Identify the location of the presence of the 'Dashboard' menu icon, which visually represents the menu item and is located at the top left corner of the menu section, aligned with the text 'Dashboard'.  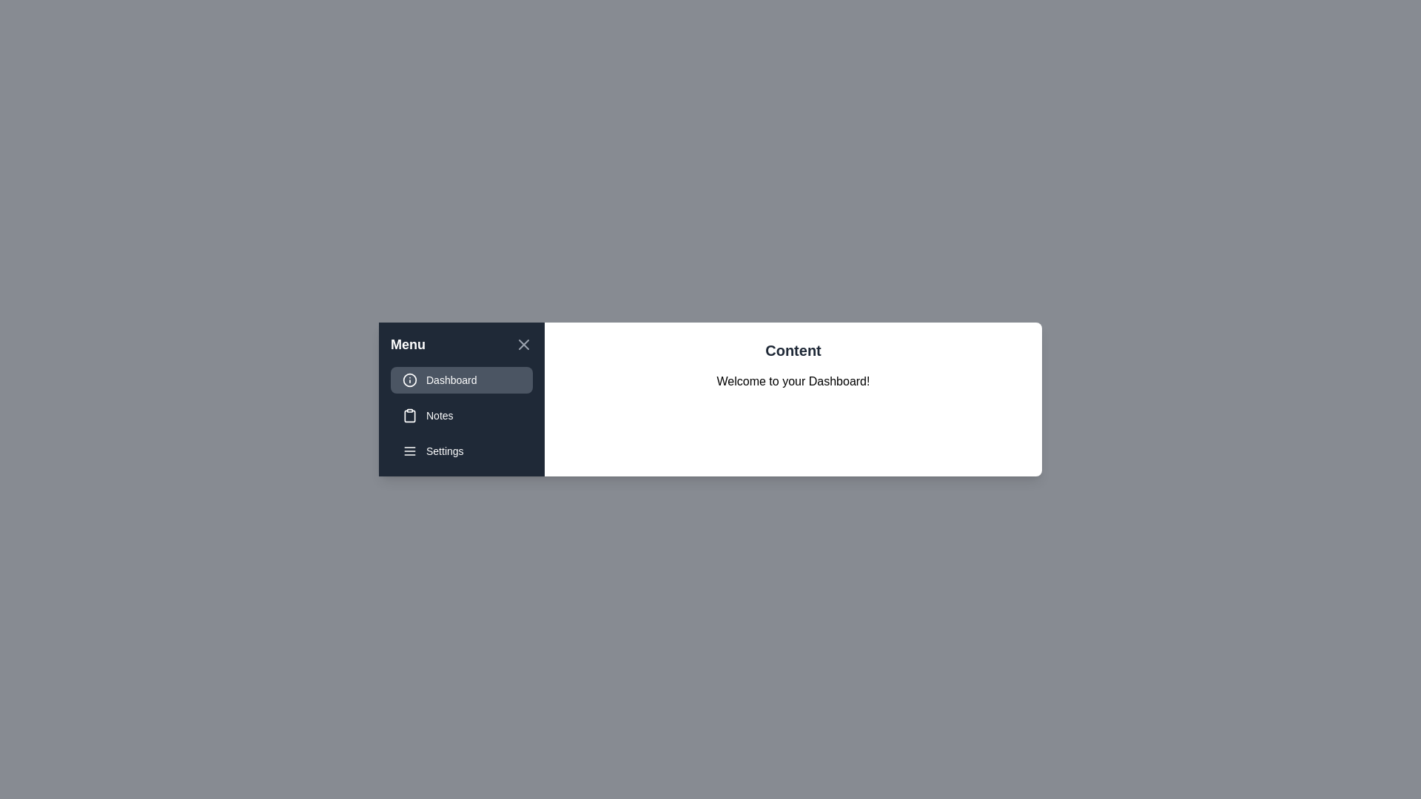
(409, 379).